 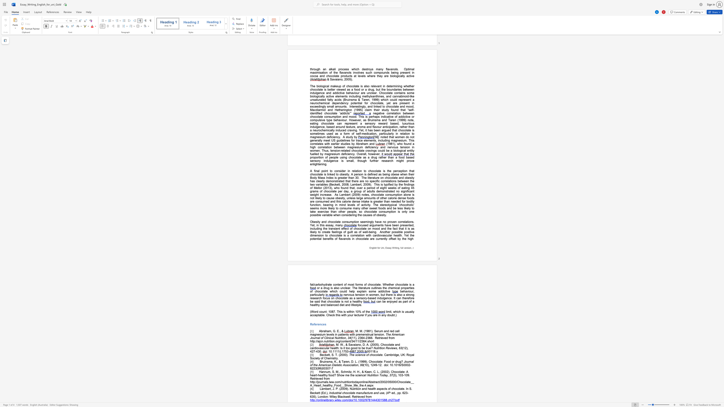 I want to click on the subset text "te" within the text "The science of chocolate", so click(x=379, y=355).